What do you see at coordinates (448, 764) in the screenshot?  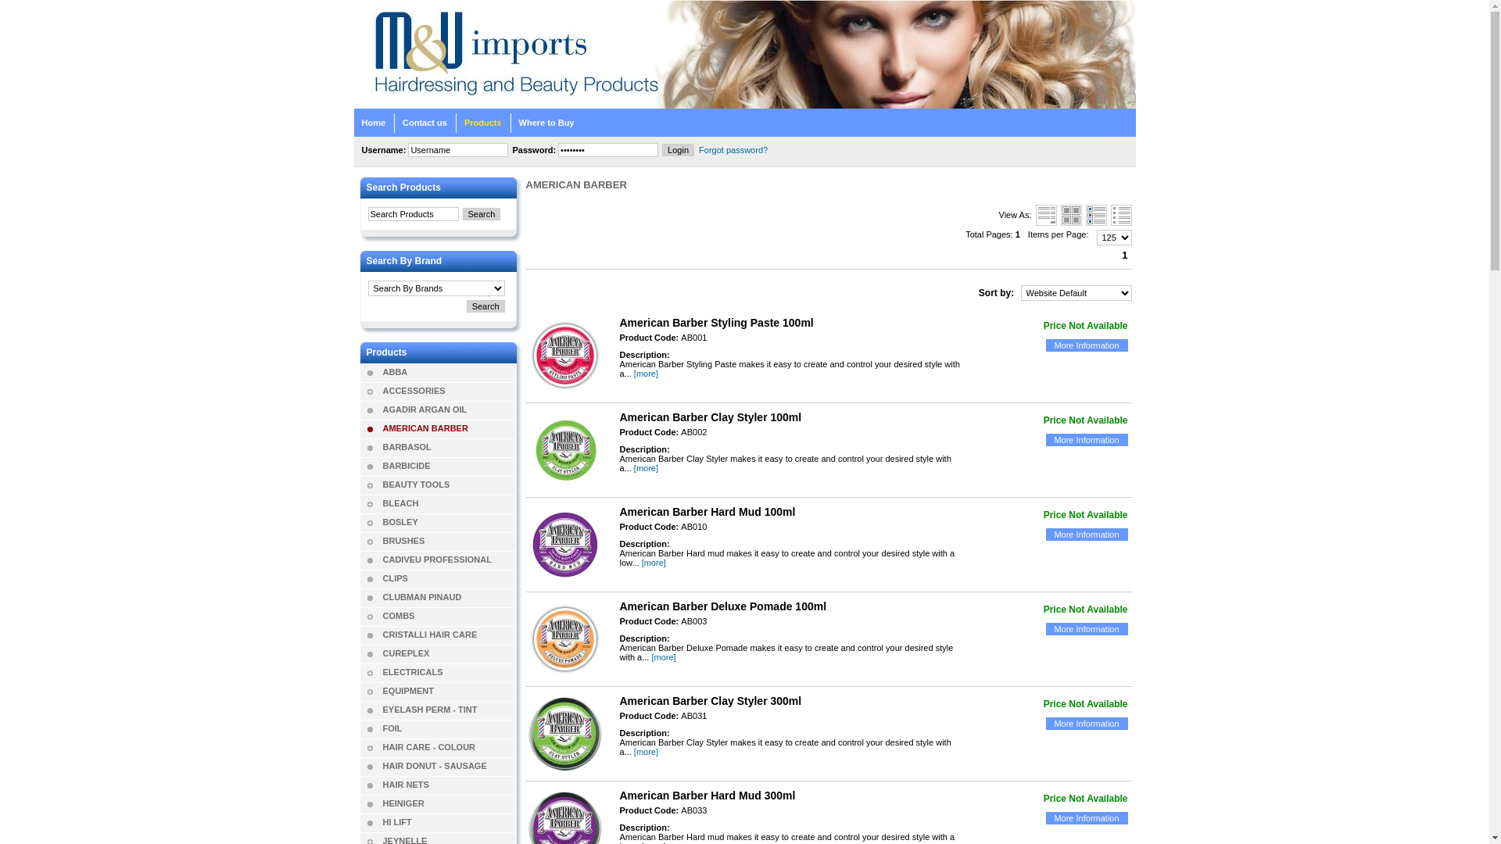 I see `'HAIR DONUT - SAUSAGE'` at bounding box center [448, 764].